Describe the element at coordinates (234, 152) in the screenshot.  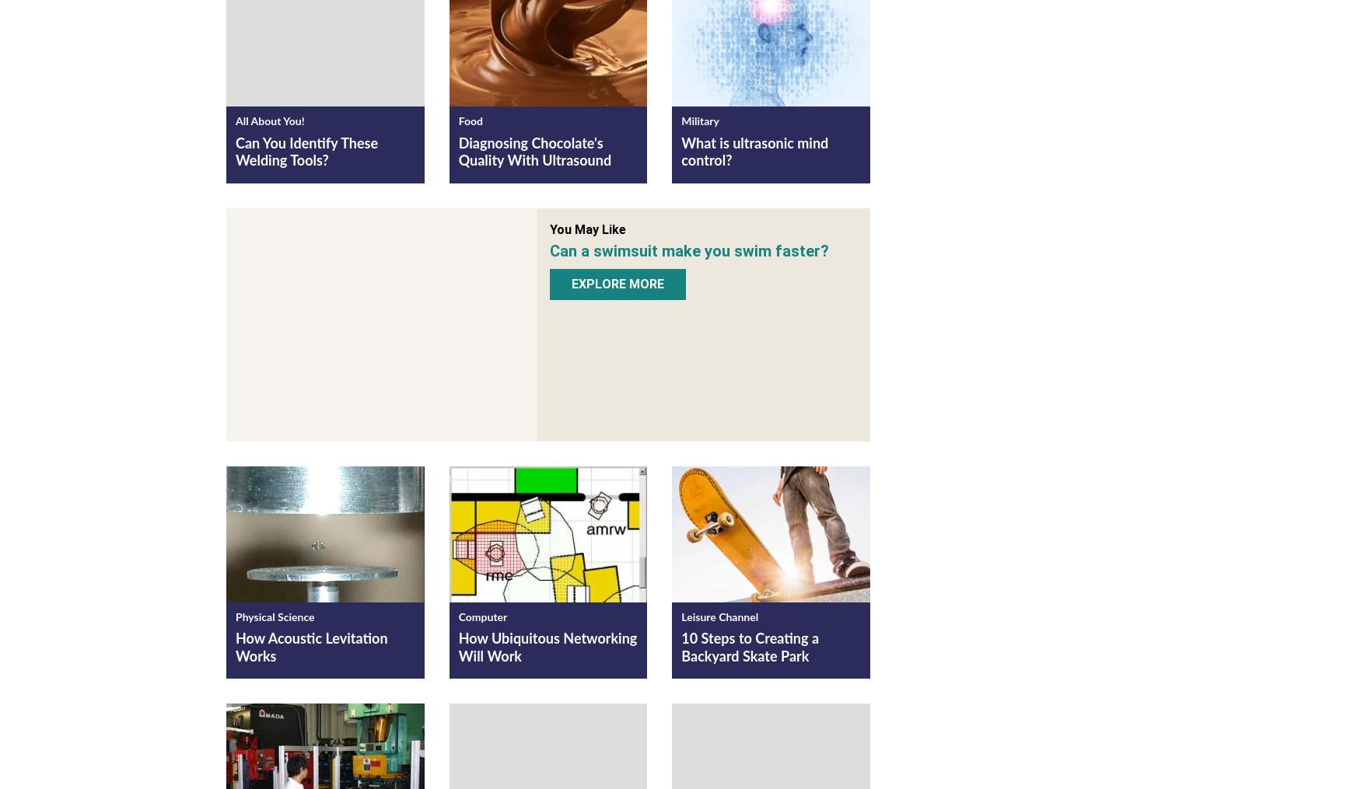
I see `'Can You Identify These Welding Tools?'` at that location.